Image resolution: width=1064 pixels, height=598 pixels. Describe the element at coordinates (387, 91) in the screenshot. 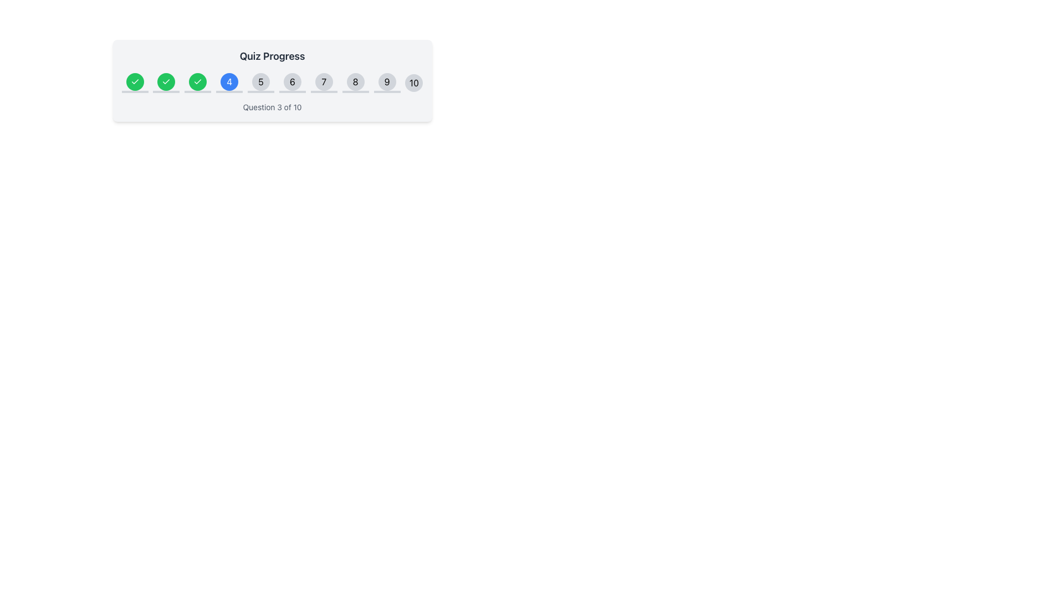

I see `the decorative element or progress bar located directly beneath the button labeled '9' in the vertical stack` at that location.